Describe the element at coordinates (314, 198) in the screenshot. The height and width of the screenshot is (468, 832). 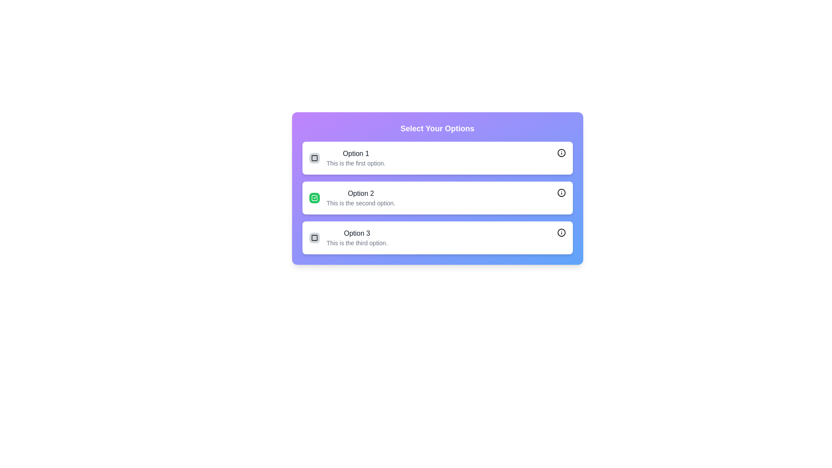
I see `the green square icon with a checkmark that indicates the completed option for 'Option 2', which is located to the left of the text label` at that location.